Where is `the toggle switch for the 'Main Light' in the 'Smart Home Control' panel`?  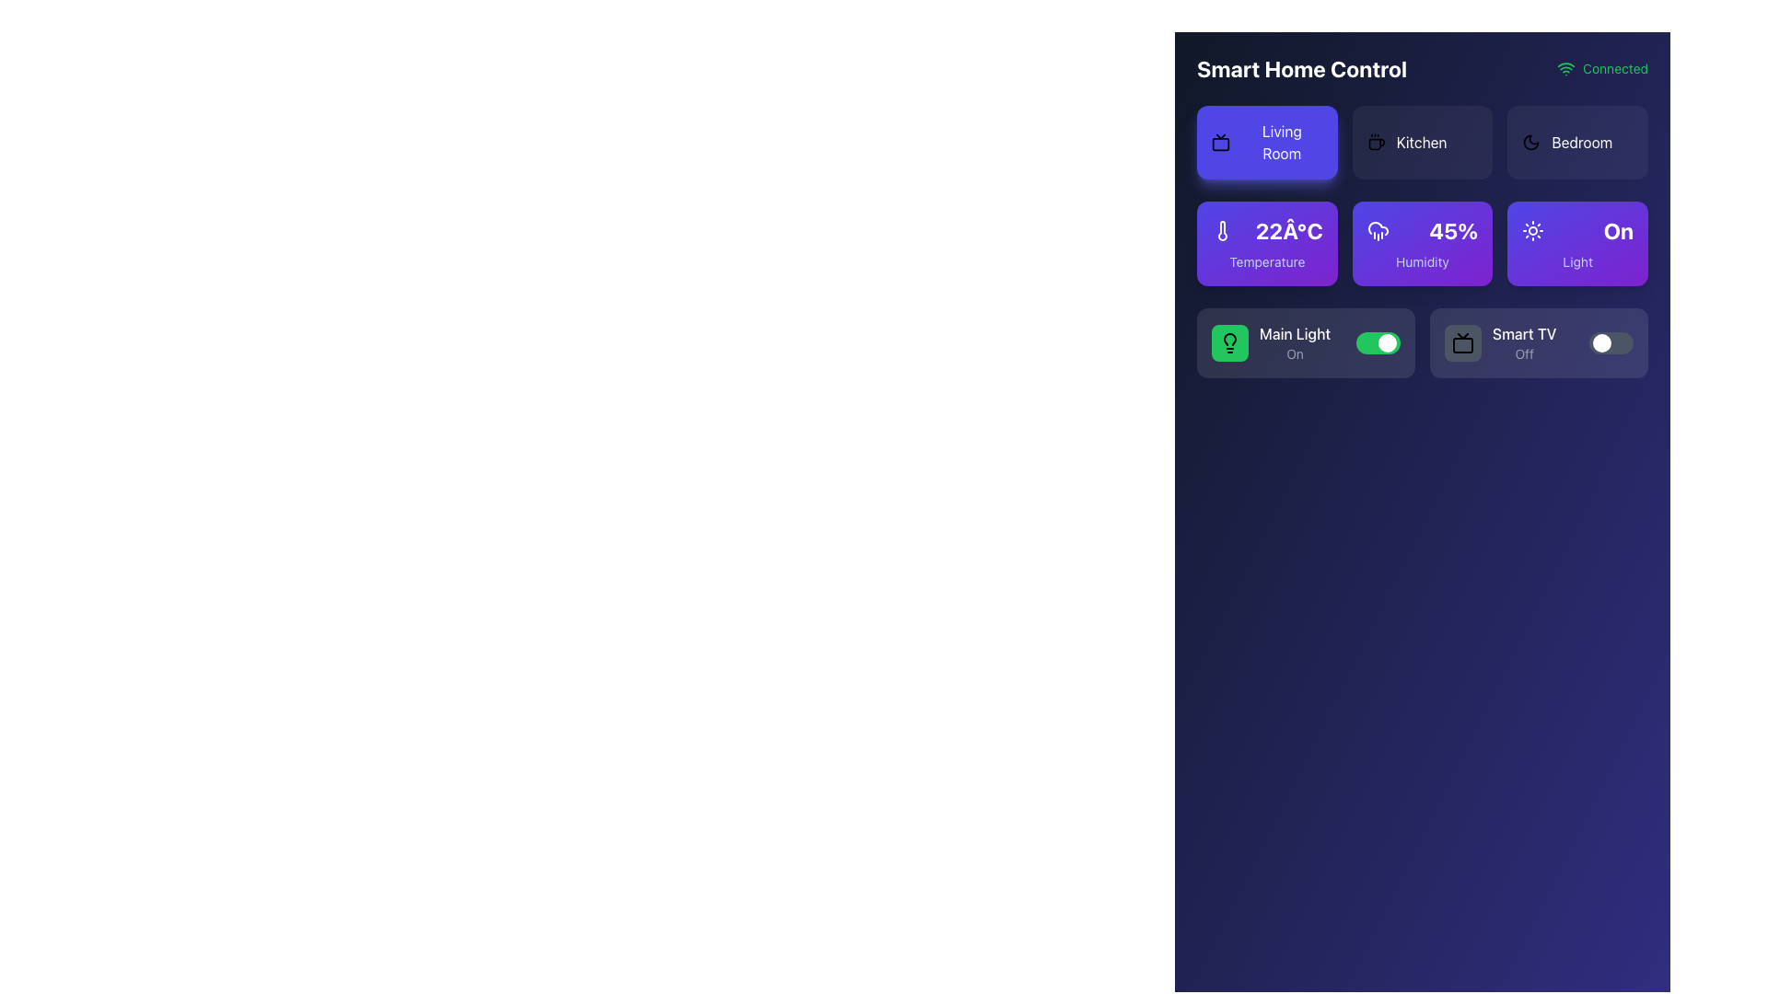 the toggle switch for the 'Main Light' in the 'Smart Home Control' panel is located at coordinates (1378, 343).